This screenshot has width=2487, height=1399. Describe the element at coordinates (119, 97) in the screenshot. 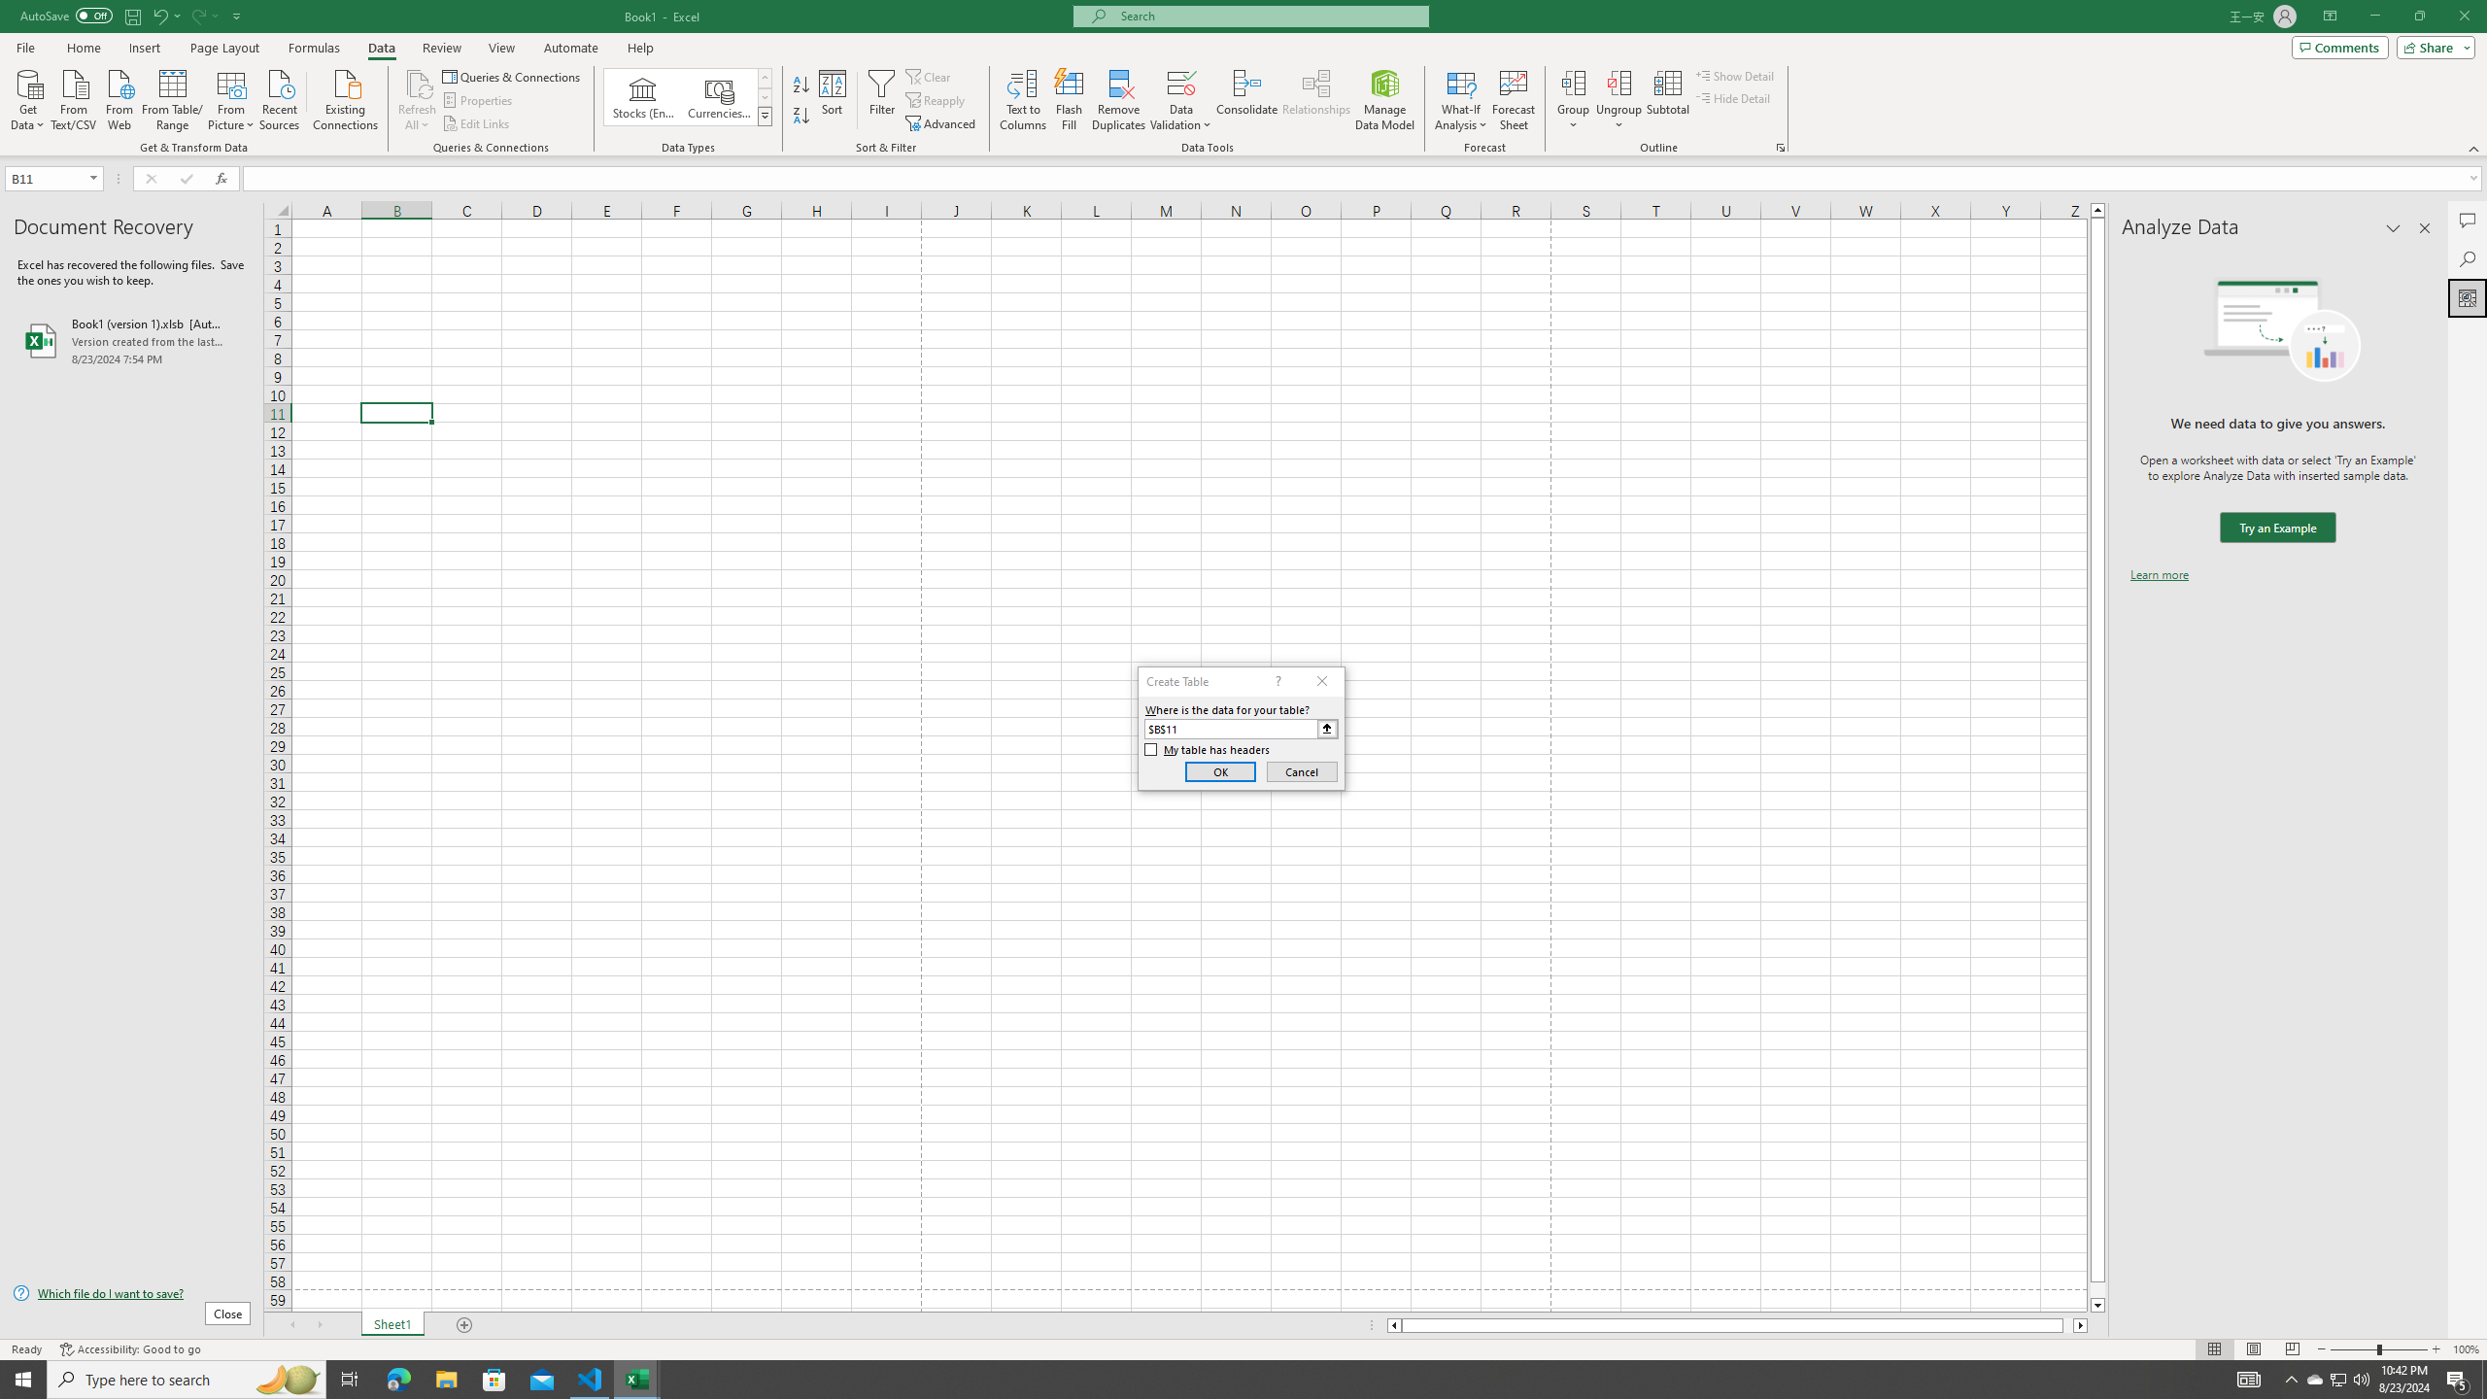

I see `'From Web'` at that location.